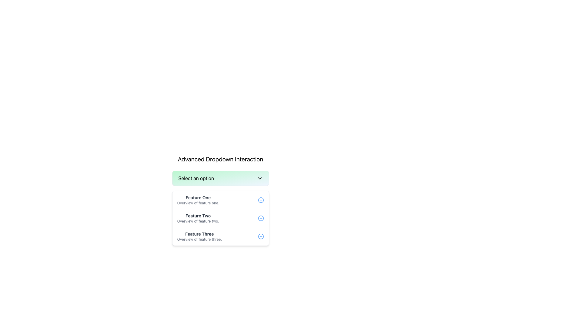 The height and width of the screenshot is (327, 582). Describe the element at coordinates (261, 200) in the screenshot. I see `the outer circle of the circle-plus icon, located to the right of the 'Feature One' option in the dropdown list` at that location.